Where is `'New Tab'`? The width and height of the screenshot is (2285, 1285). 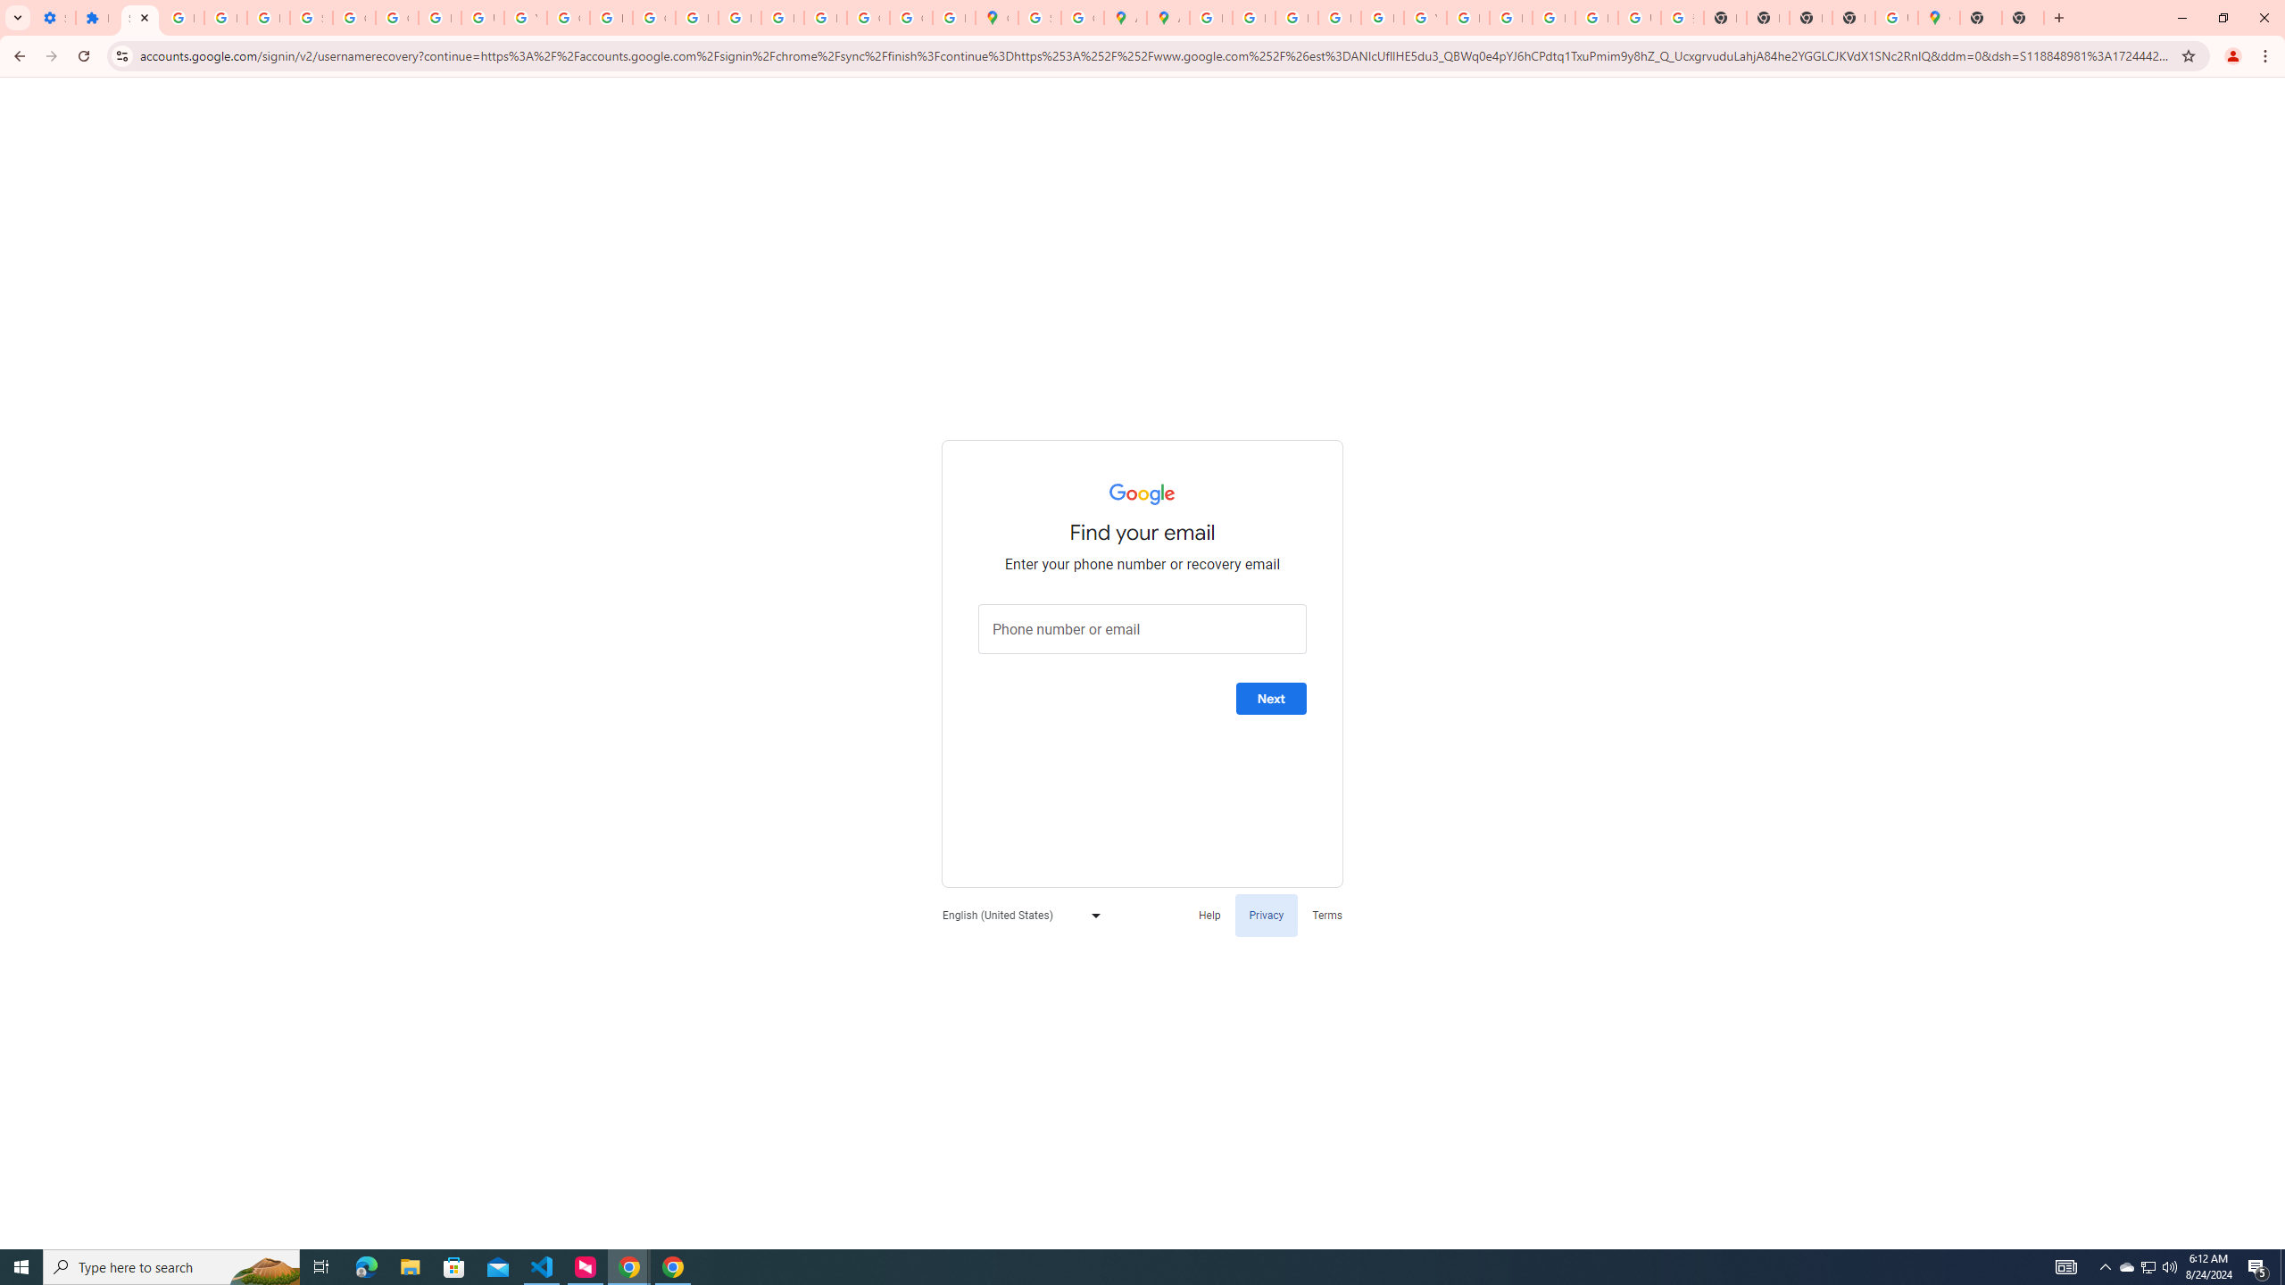 'New Tab' is located at coordinates (2023, 17).